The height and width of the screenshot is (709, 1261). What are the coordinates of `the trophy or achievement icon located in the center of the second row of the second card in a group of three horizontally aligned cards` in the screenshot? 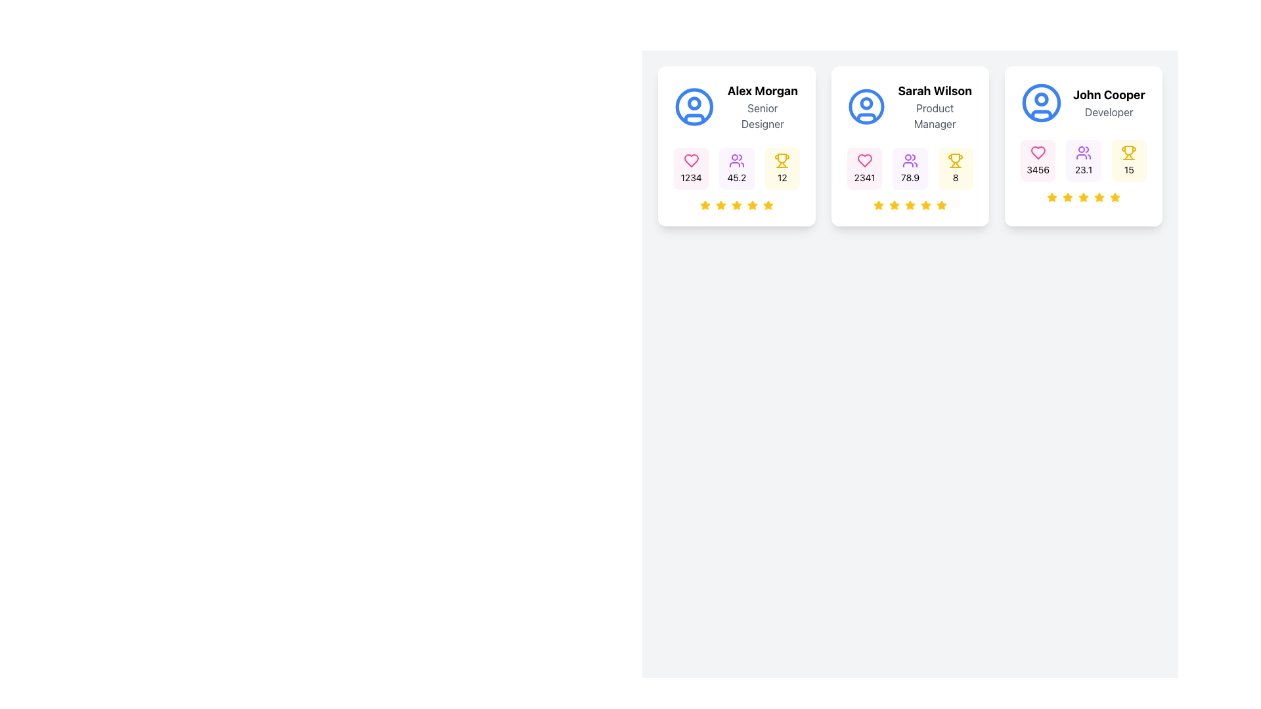 It's located at (782, 158).